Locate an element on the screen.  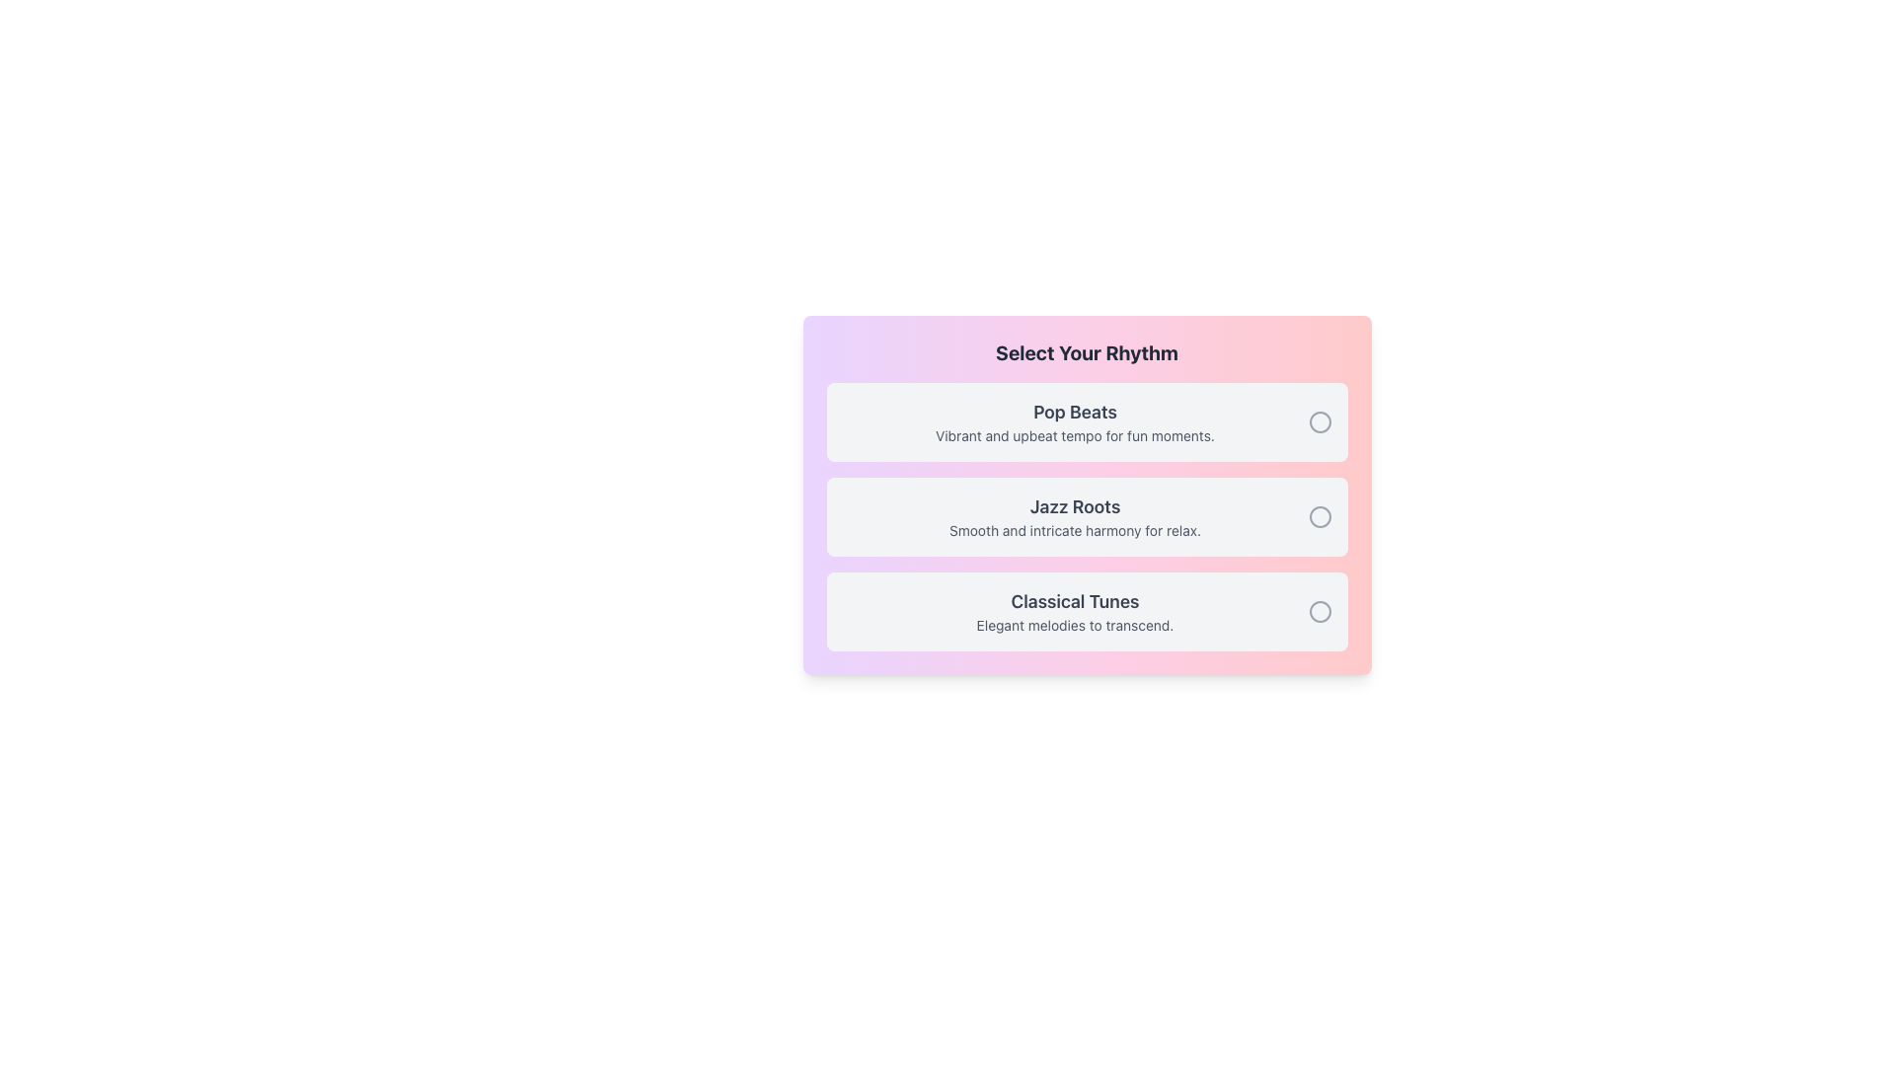
text label 'Pop Beats' which is the first item in the list under the heading 'Select Your Rhythm' is located at coordinates (1074, 421).